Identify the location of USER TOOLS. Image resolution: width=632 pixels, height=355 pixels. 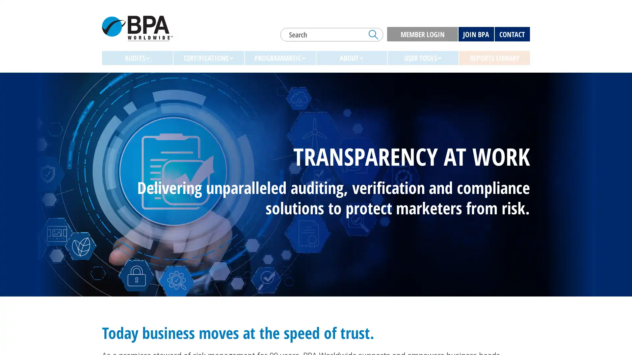
(423, 58).